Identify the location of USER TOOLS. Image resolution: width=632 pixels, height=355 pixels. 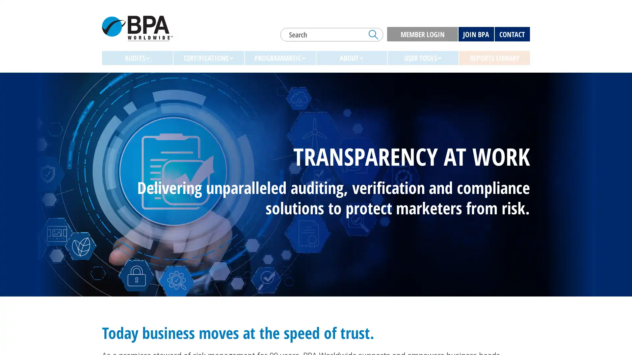
(423, 58).